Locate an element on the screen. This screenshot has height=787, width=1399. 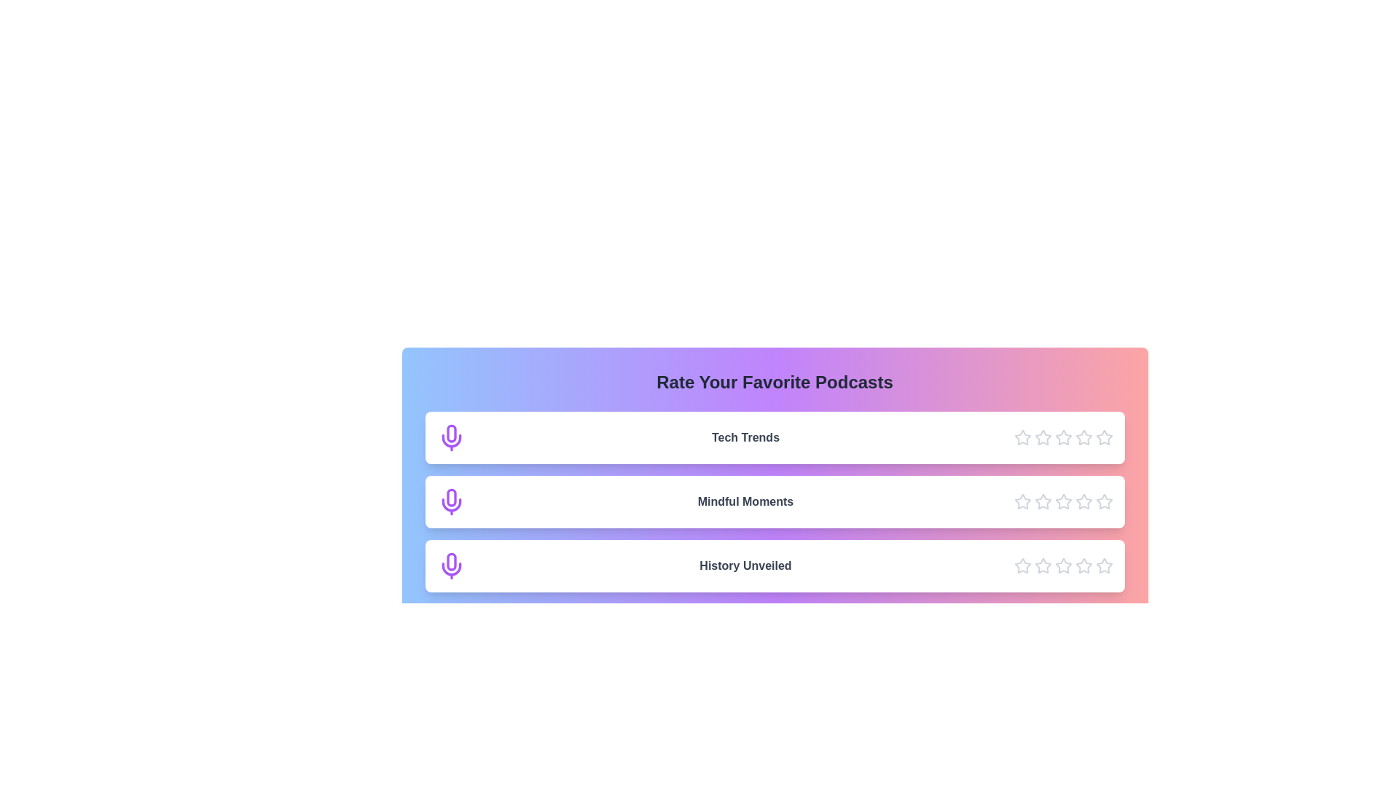
the star icon corresponding to 5 stars for the podcast History Unveiled is located at coordinates (1104, 565).